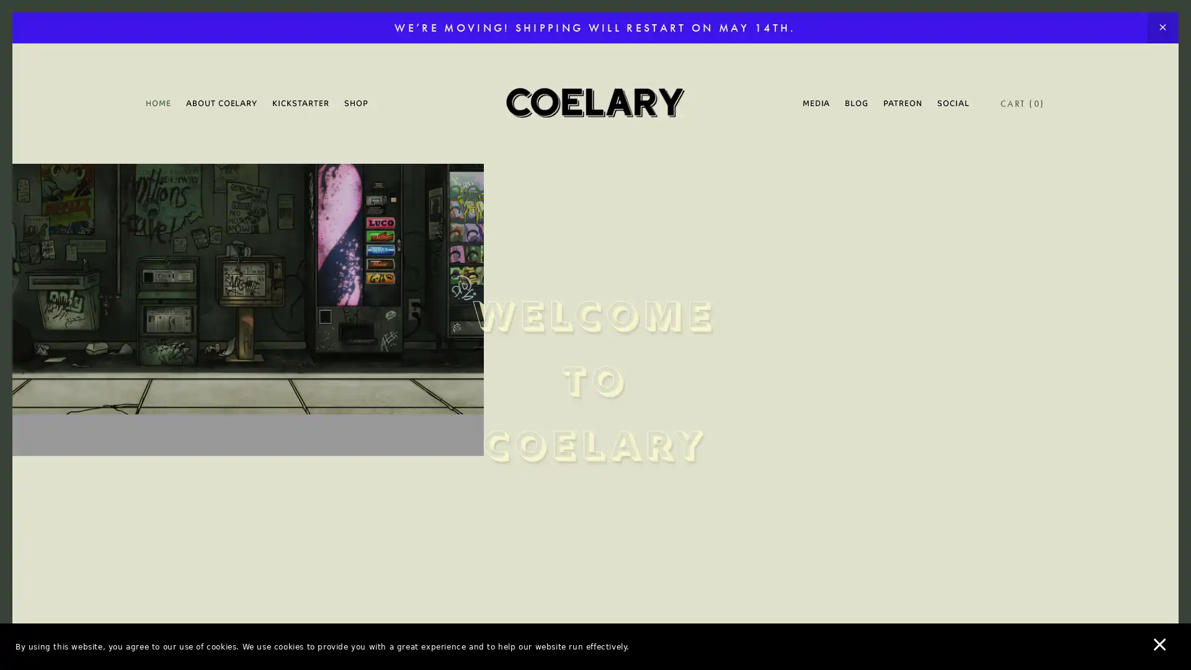  Describe the element at coordinates (813, 145) in the screenshot. I see `Close` at that location.